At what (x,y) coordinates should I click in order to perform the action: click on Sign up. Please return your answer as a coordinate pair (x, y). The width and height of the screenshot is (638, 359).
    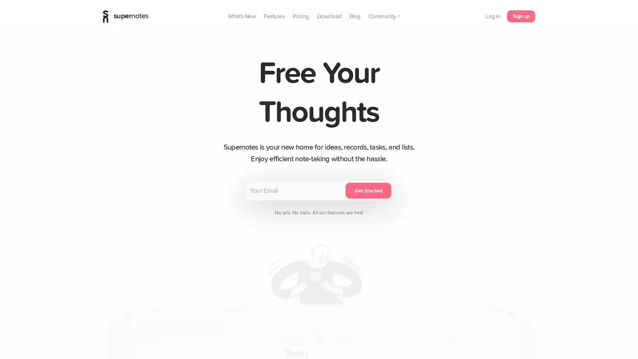
    Looking at the image, I should click on (520, 16).